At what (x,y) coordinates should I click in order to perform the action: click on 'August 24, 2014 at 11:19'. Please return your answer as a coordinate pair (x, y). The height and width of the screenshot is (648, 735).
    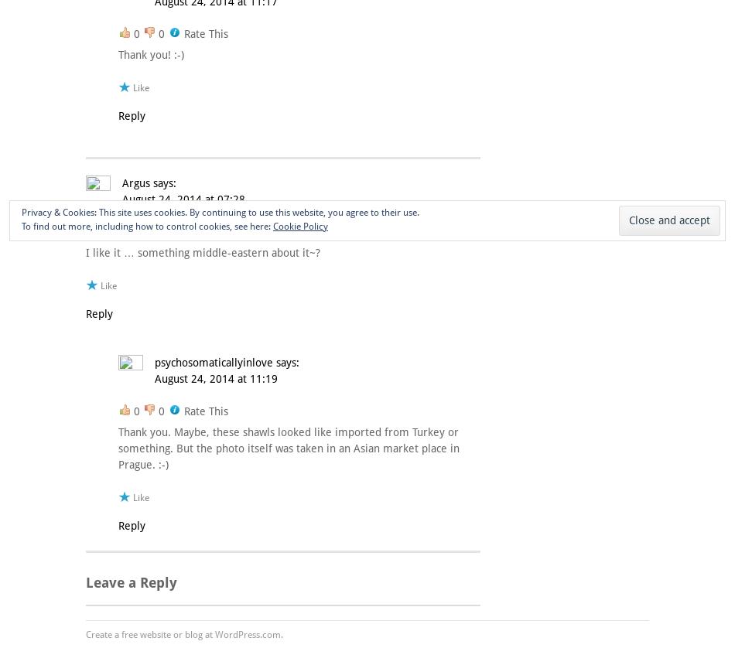
    Looking at the image, I should click on (215, 377).